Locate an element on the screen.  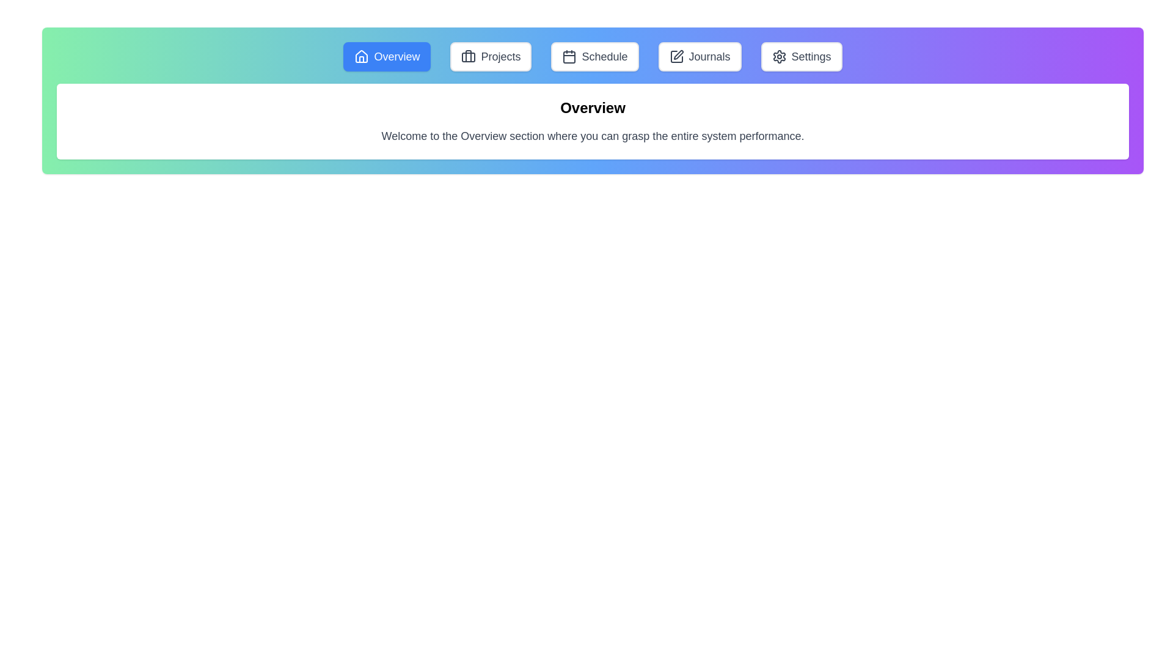
the buttons in the navigation bar located at the top of the interface is located at coordinates (593, 56).